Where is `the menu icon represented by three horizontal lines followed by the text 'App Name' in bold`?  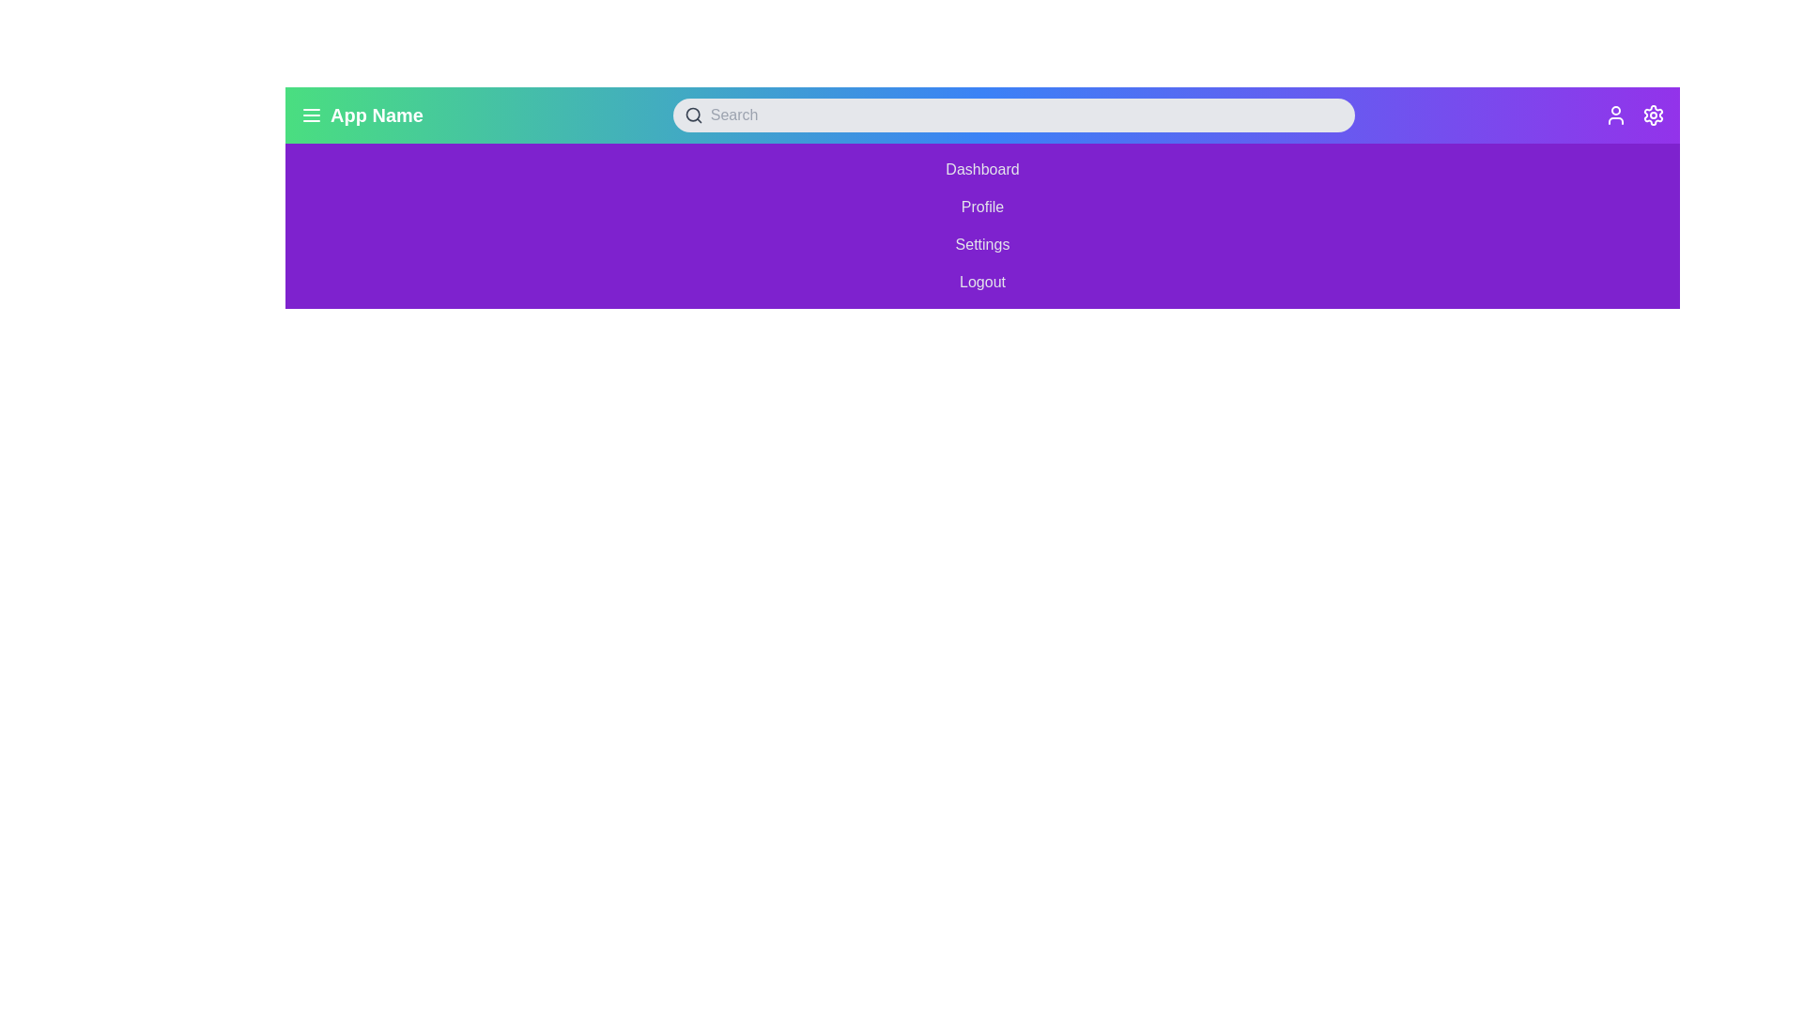 the menu icon represented by three horizontal lines followed by the text 'App Name' in bold is located at coordinates (362, 115).